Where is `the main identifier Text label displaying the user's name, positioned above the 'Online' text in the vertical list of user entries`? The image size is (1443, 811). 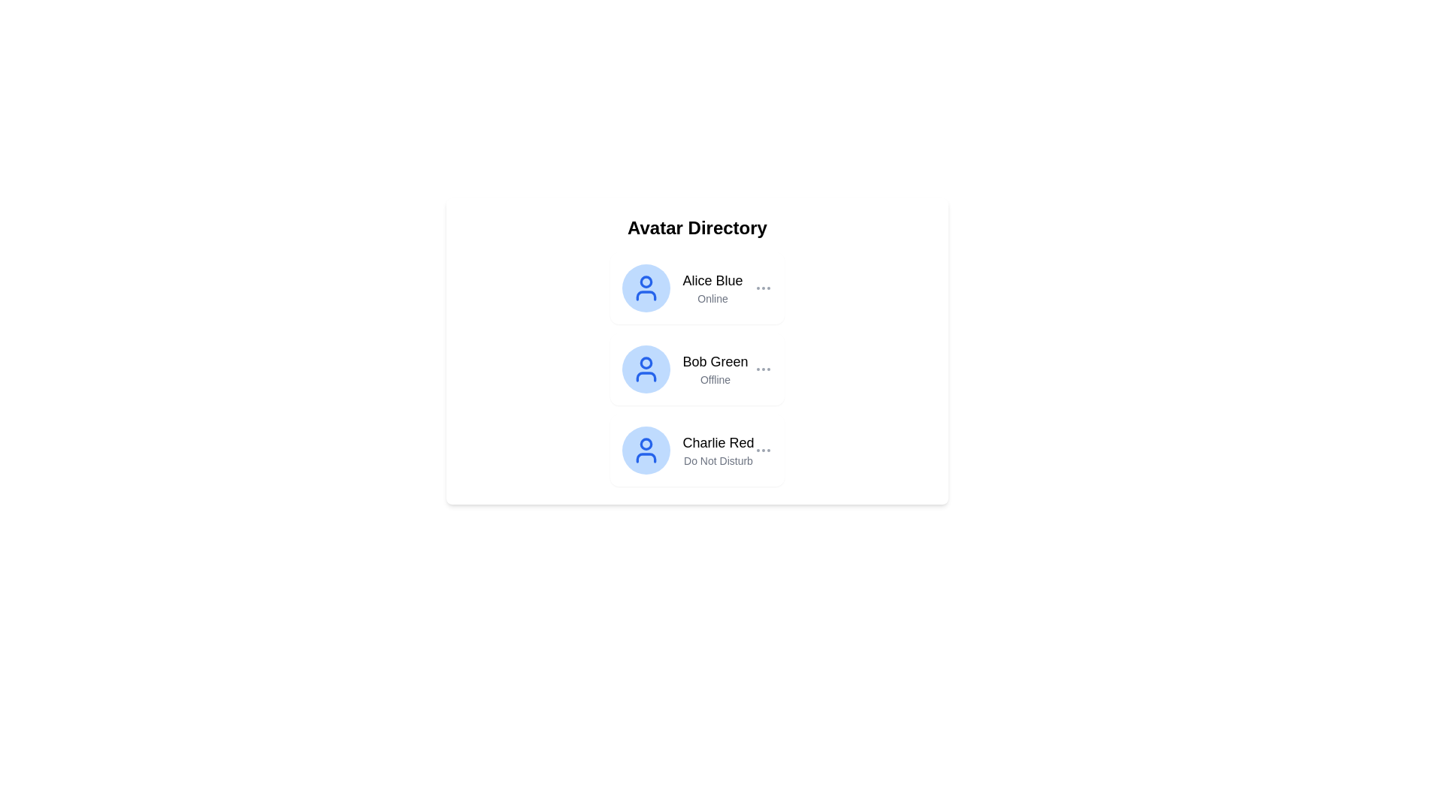
the main identifier Text label displaying the user's name, positioned above the 'Online' text in the vertical list of user entries is located at coordinates (712, 281).